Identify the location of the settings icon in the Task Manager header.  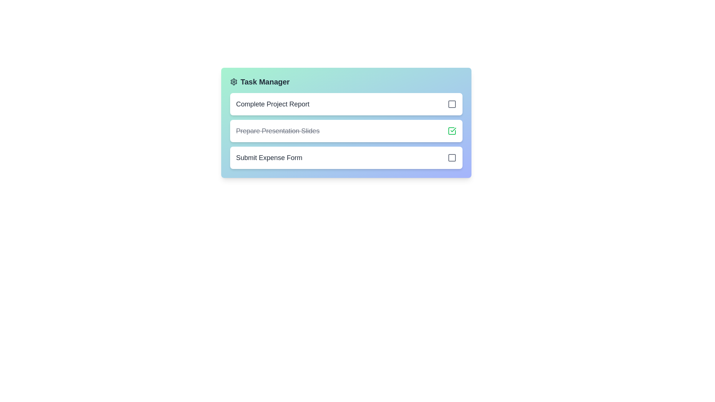
(233, 82).